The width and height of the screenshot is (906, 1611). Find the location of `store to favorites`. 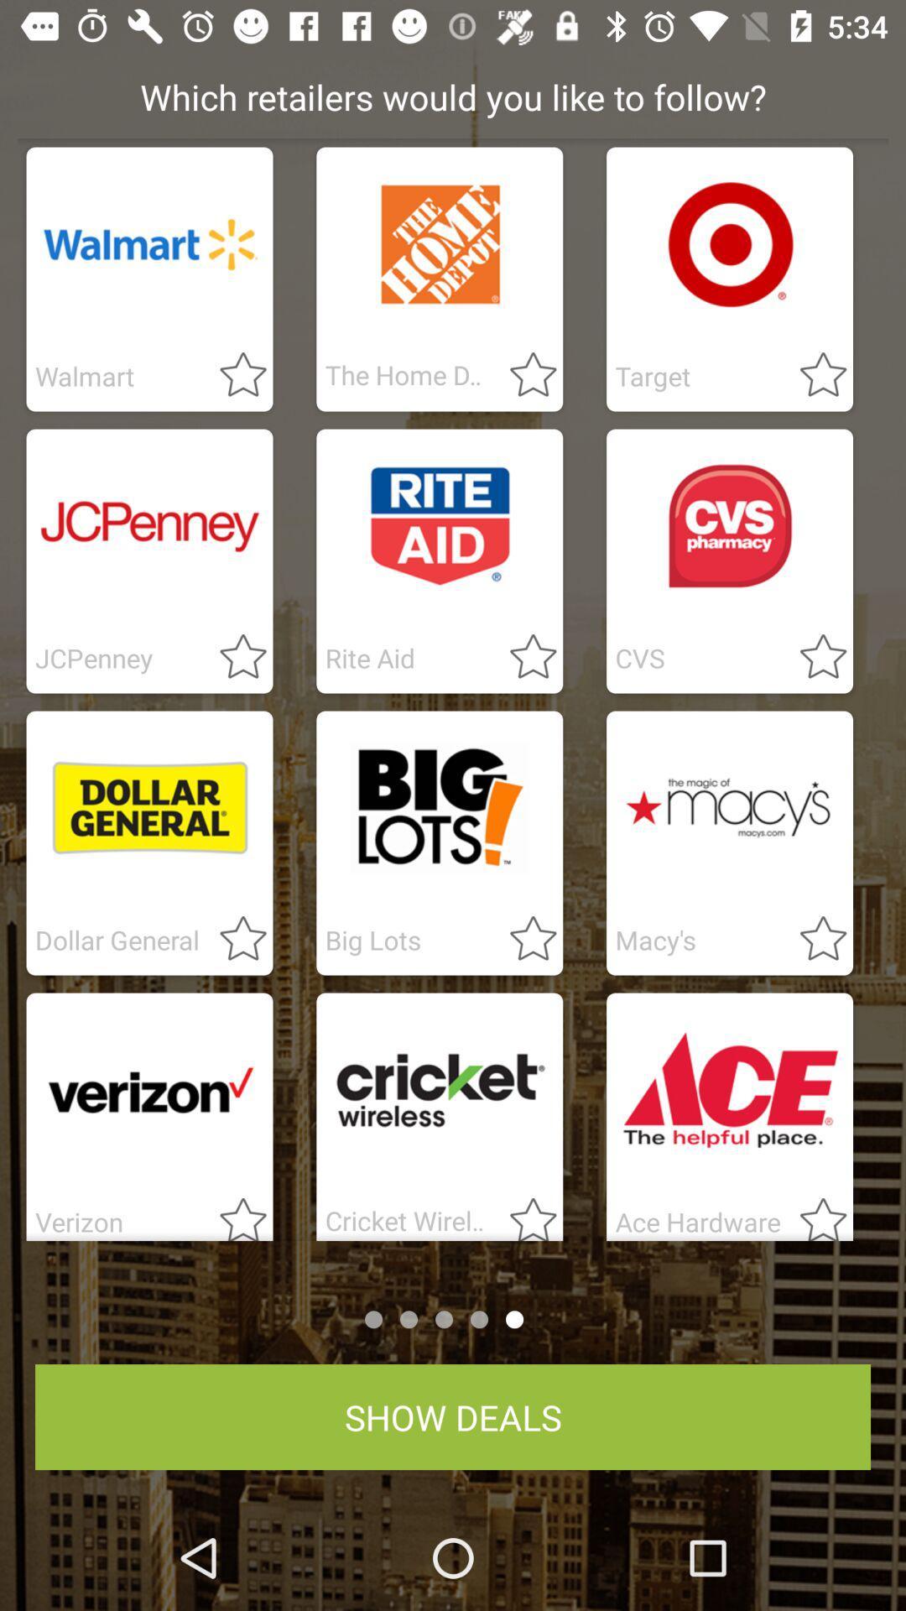

store to favorites is located at coordinates (233, 940).